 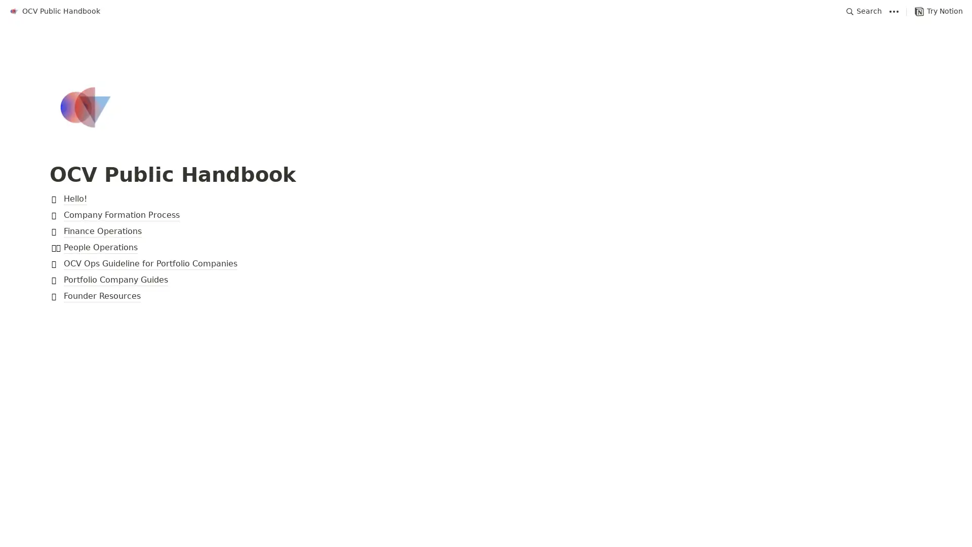 I want to click on Finance Operations, so click(x=486, y=232).